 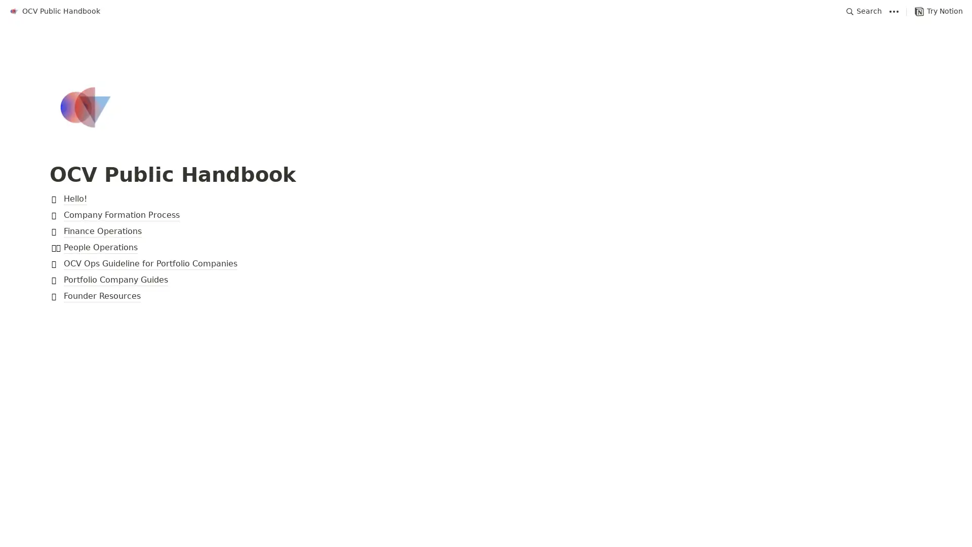 I want to click on Finance Operations, so click(x=486, y=232).